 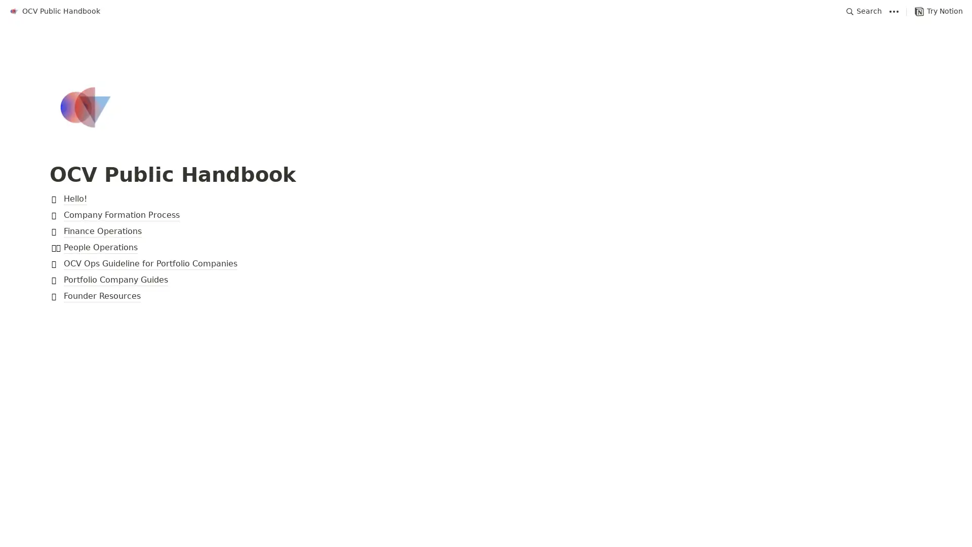 I want to click on Finance Operations, so click(x=486, y=232).